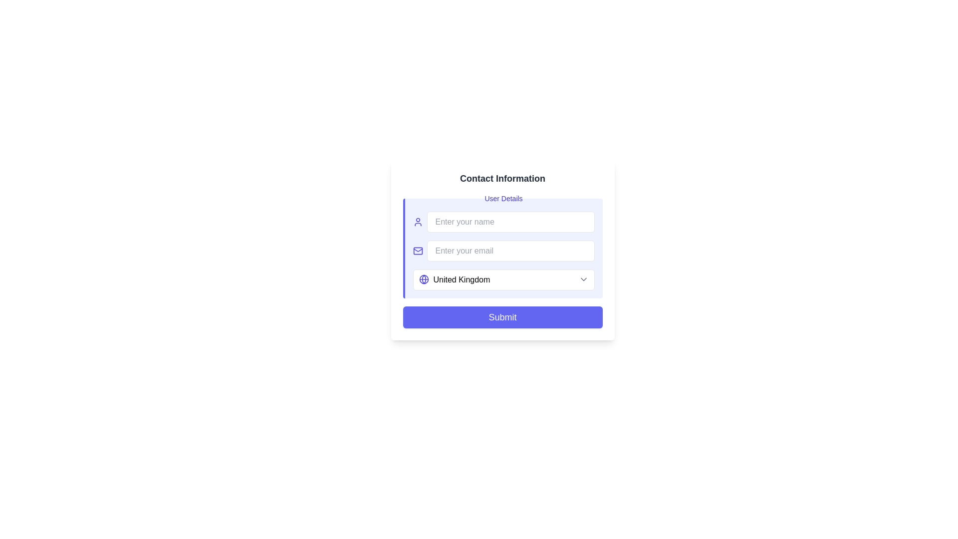 The width and height of the screenshot is (958, 539). I want to click on the design of the inner central circle of the globe icon located on the left-hand side of the form, adjacent to the 'Enter your name' input field, so click(424, 279).